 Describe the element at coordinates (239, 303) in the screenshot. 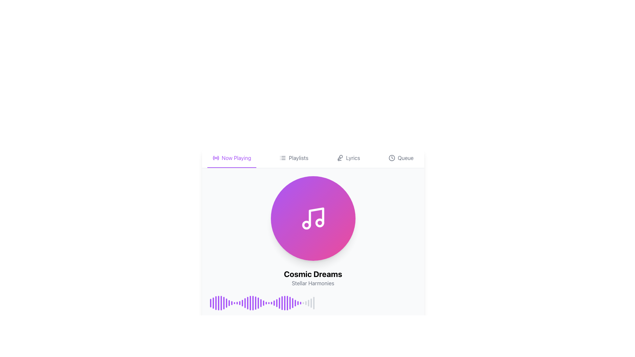

I see `the visual indicator bar for waveform visualization, which is the 12th vertical bar in the sequence of 35 bars located underneath the album art and song title` at that location.